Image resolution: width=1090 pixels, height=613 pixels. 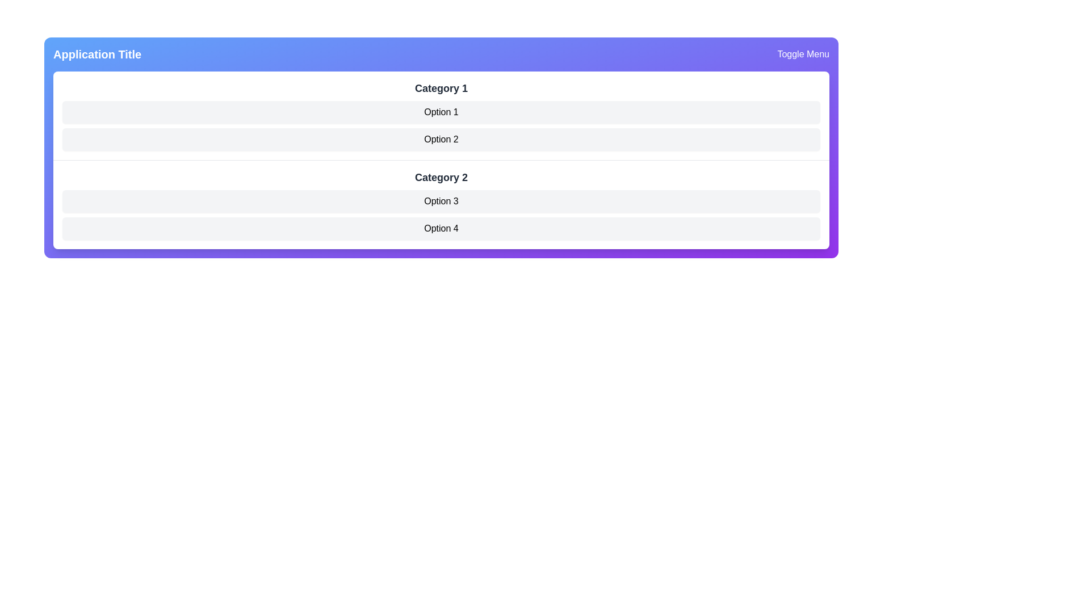 I want to click on the button labeled 'Option 2' located under the 'Category 1' heading to make a selection, so click(x=441, y=139).